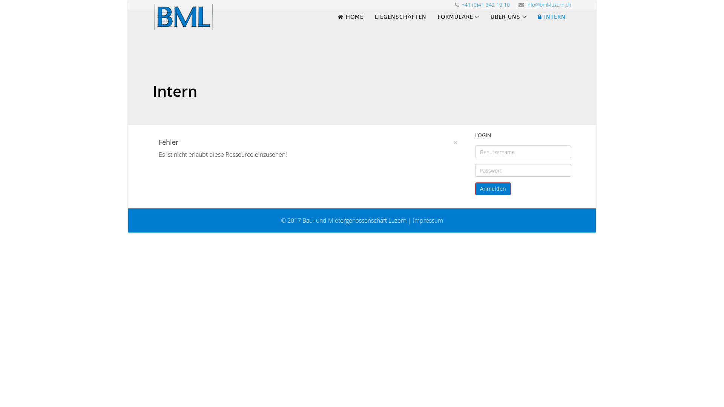 This screenshot has height=407, width=724. I want to click on 'FORMULARE', so click(458, 17).